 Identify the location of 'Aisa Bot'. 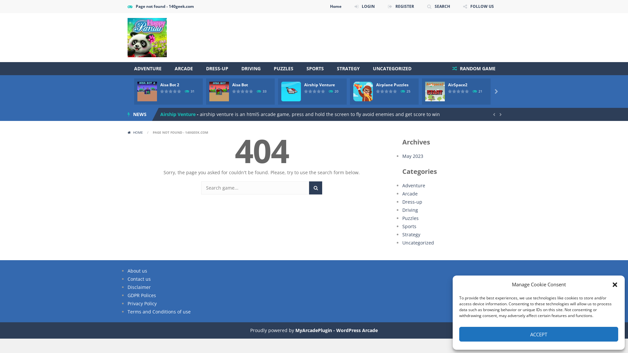
(232, 84).